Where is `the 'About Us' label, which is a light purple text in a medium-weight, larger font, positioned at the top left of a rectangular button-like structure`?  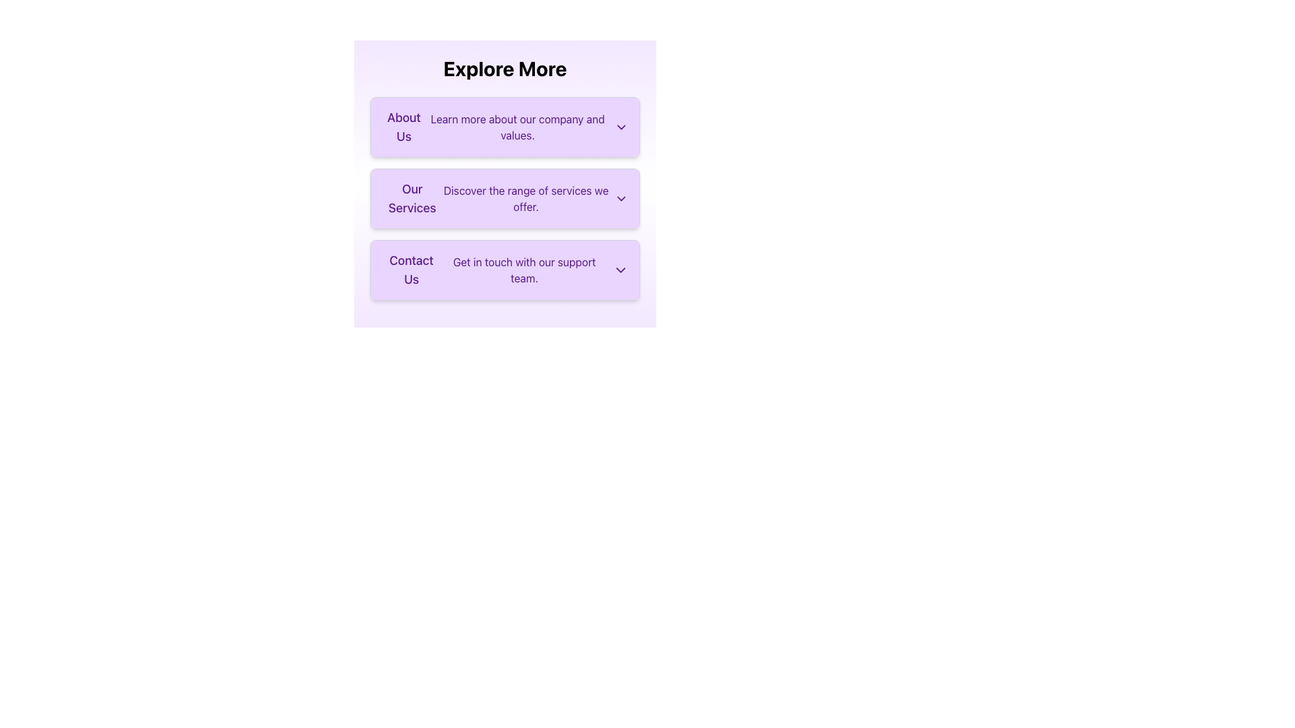
the 'About Us' label, which is a light purple text in a medium-weight, larger font, positioned at the top left of a rectangular button-like structure is located at coordinates (403, 127).